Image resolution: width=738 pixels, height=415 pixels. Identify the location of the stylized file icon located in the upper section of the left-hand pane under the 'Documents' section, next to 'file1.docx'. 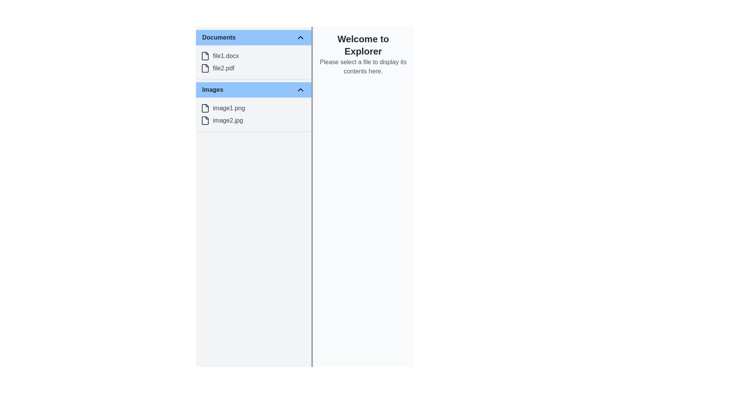
(205, 56).